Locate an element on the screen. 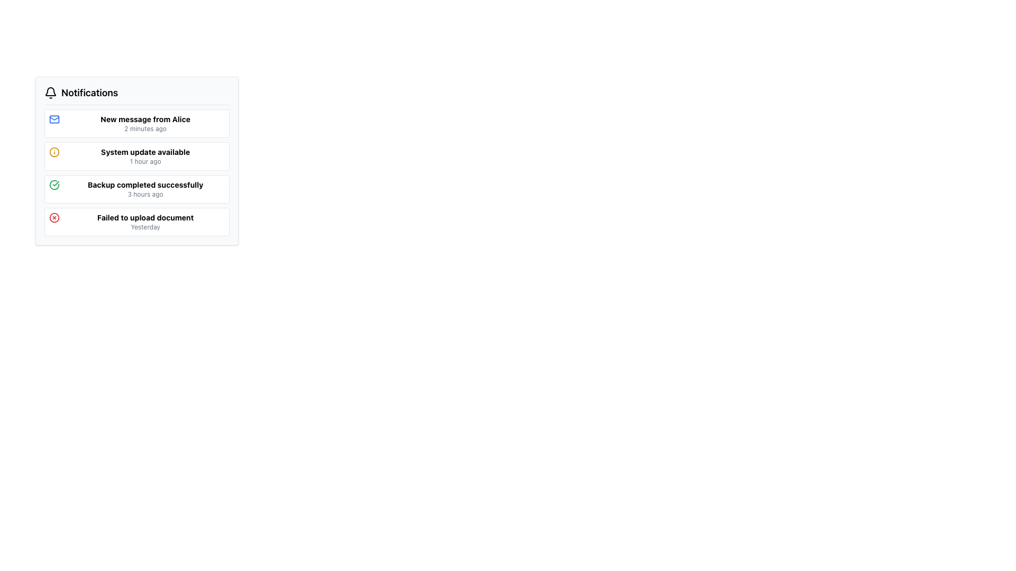 The height and width of the screenshot is (571, 1016). text content displayed in the fourth notification item of the notification system, which provides feedback about a failed document upload is located at coordinates (144, 222).